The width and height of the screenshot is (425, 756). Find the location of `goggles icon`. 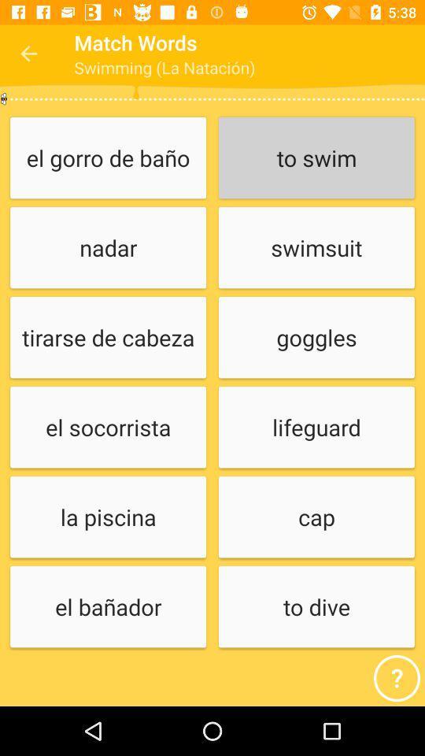

goggles icon is located at coordinates (316, 338).